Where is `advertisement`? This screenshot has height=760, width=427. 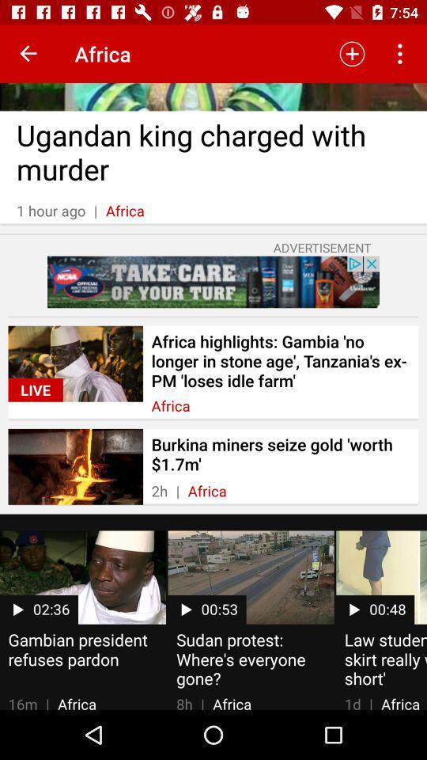
advertisement is located at coordinates (213, 282).